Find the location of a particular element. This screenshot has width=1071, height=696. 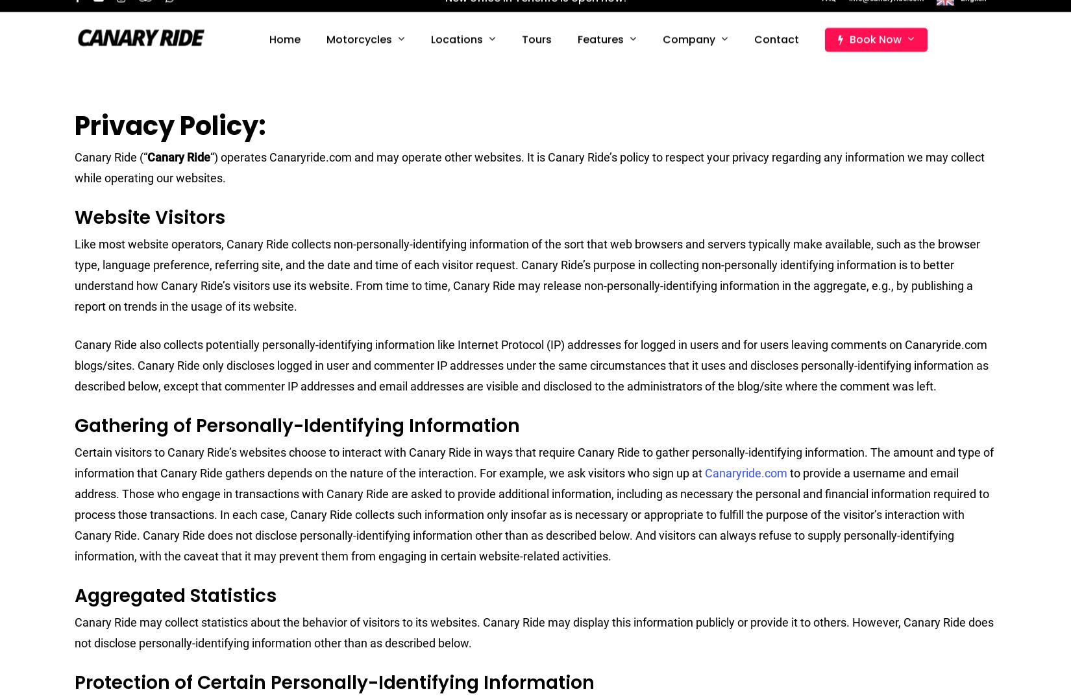

'Canary Ride (“' is located at coordinates (110, 156).